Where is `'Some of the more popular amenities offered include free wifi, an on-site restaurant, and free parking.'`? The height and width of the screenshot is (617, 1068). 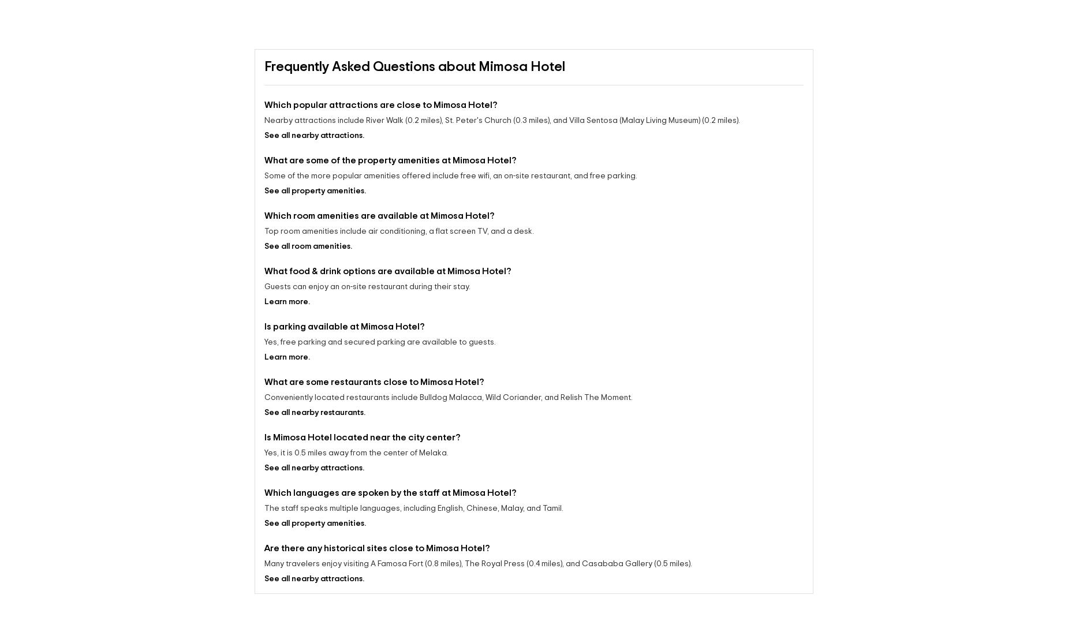
'Some of the more popular amenities offered include free wifi, an on-site restaurant, and free parking.' is located at coordinates (264, 175).